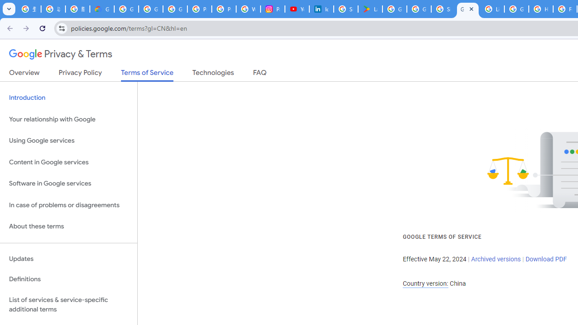  I want to click on 'Google Workspace - Specific Terms', so click(419, 9).